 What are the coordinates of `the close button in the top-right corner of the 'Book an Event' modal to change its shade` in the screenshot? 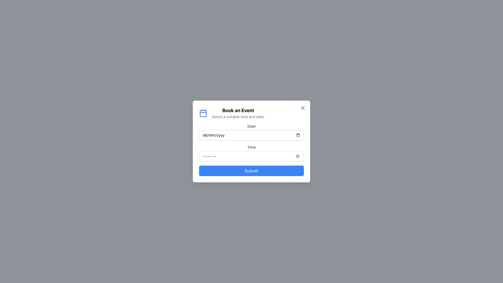 It's located at (303, 108).